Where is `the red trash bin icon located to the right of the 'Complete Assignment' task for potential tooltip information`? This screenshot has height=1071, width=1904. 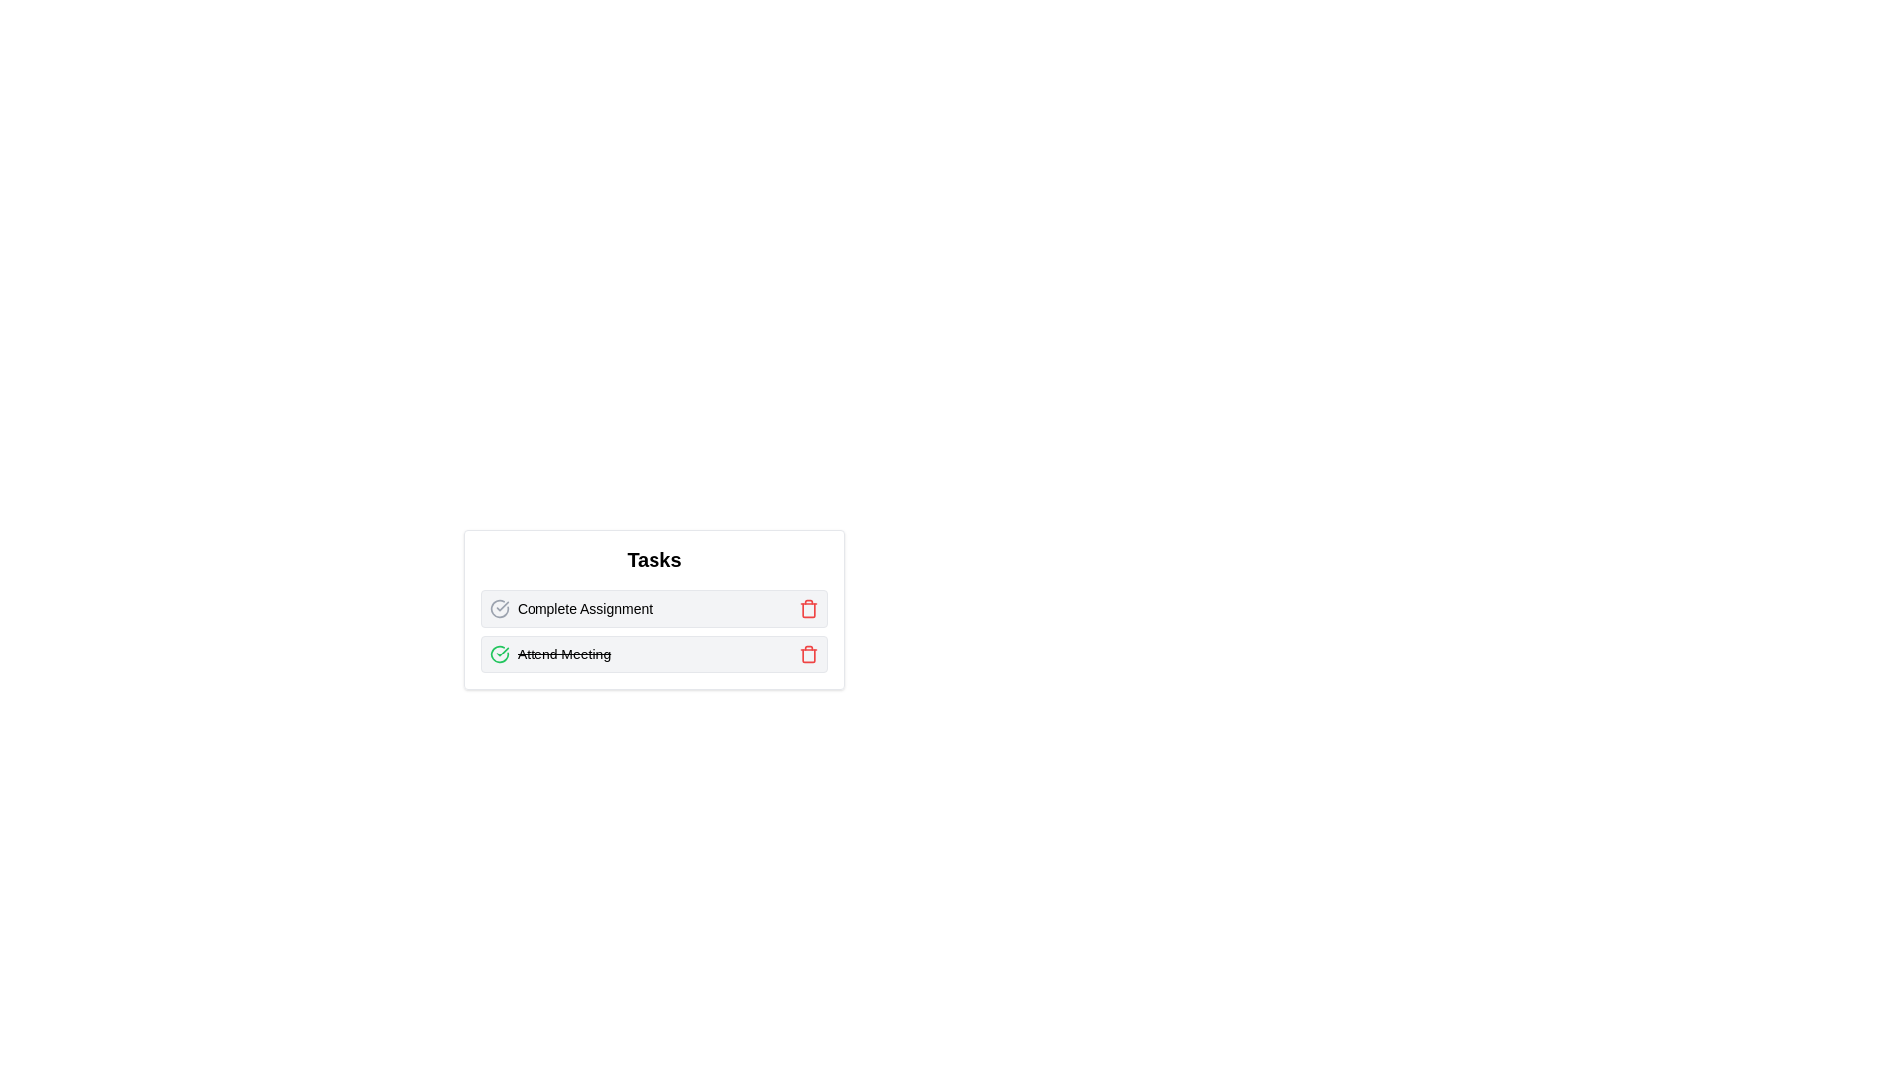
the red trash bin icon located to the right of the 'Complete Assignment' task for potential tooltip information is located at coordinates (809, 607).